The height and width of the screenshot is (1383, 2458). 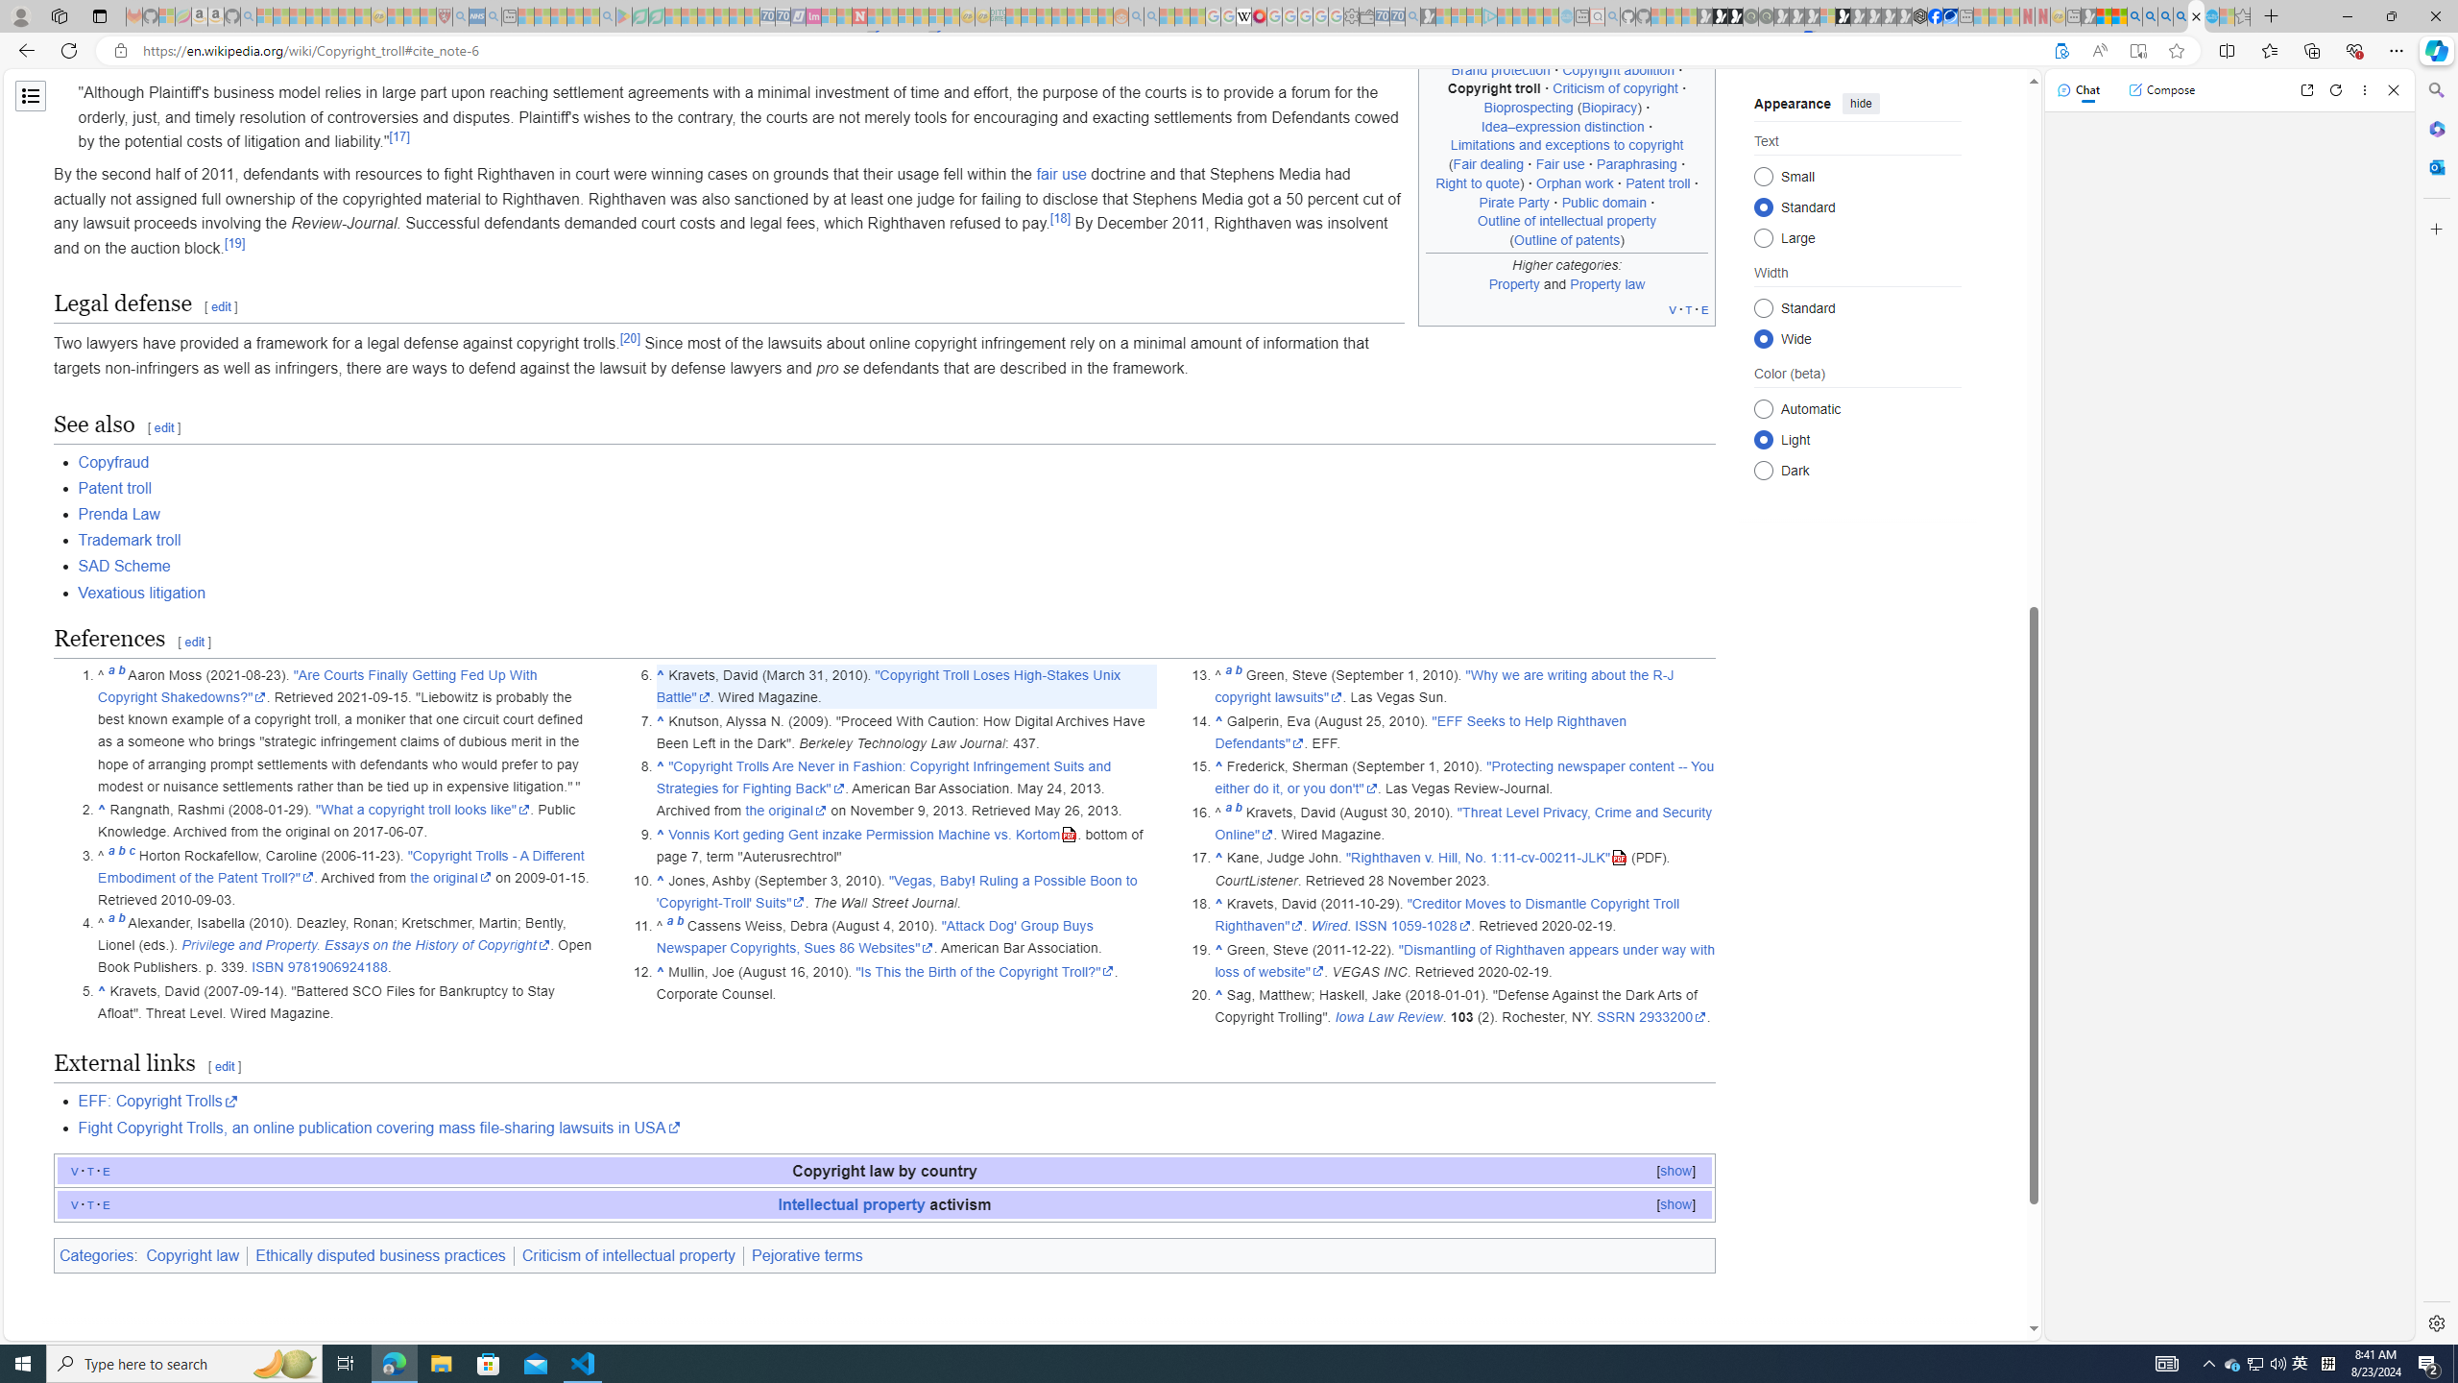 What do you see at coordinates (1612, 15) in the screenshot?
I see `'github - Search - Sleeping'` at bounding box center [1612, 15].